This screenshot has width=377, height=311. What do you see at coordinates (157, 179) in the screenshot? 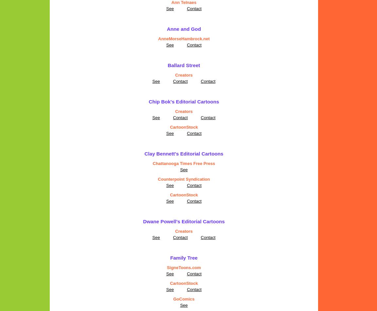
I see `'Counterpoint Syndication'` at bounding box center [157, 179].